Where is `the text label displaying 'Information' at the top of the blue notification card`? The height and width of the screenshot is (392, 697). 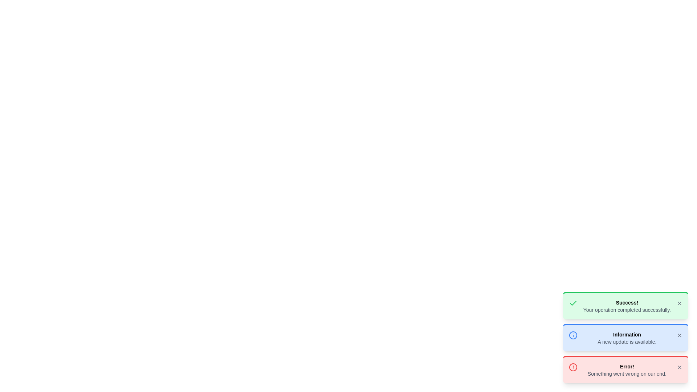 the text label displaying 'Information' at the top of the blue notification card is located at coordinates (627, 334).